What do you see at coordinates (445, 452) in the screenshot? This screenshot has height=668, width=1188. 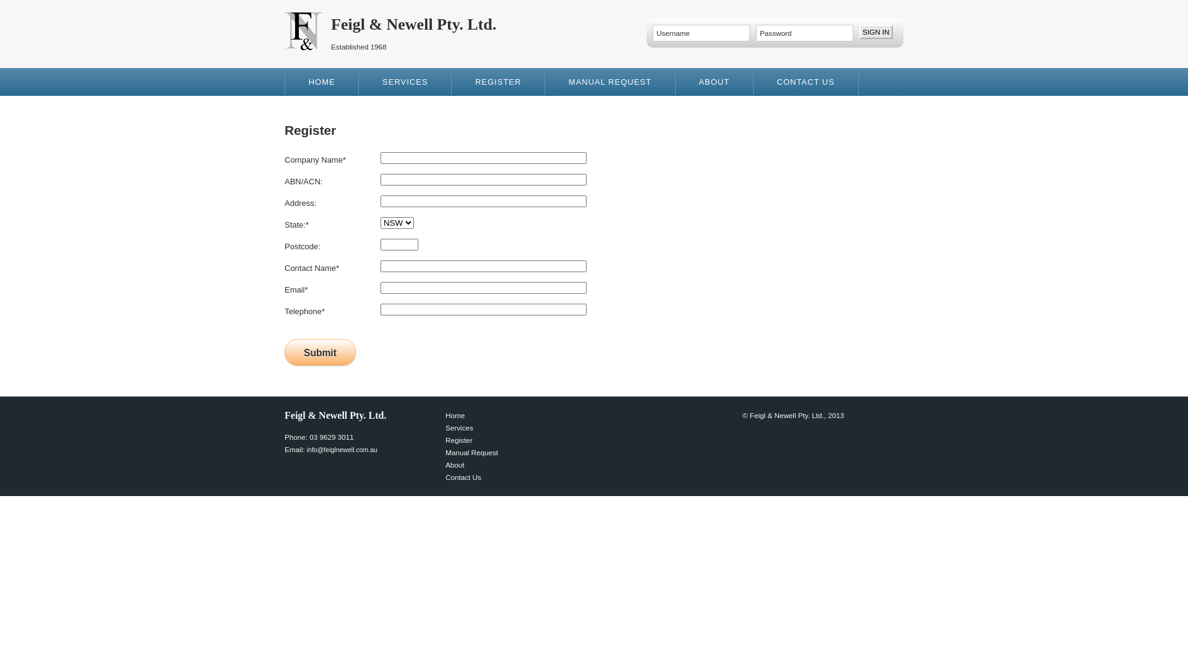 I see `'Manual Request'` at bounding box center [445, 452].